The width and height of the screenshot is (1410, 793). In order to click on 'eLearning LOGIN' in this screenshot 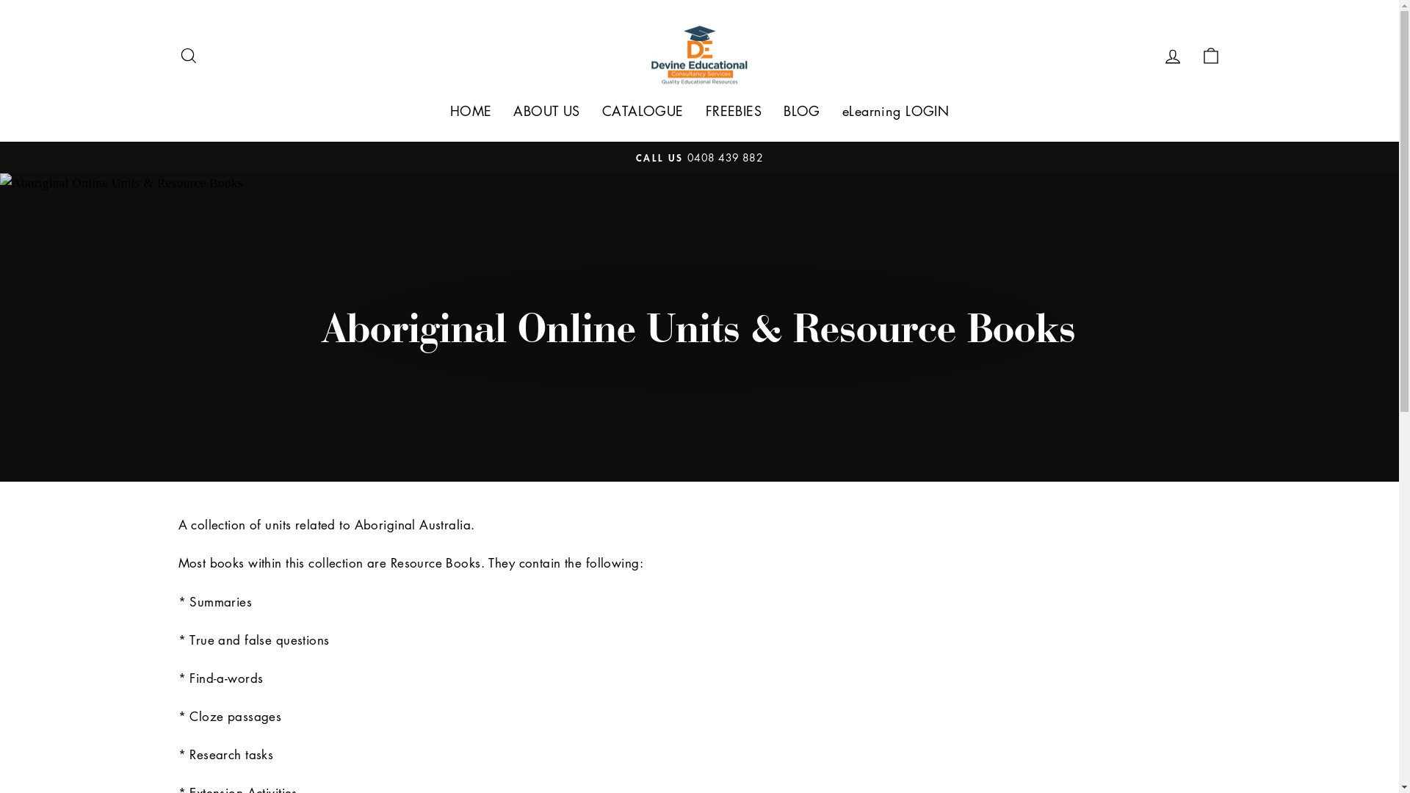, I will do `click(894, 110)`.